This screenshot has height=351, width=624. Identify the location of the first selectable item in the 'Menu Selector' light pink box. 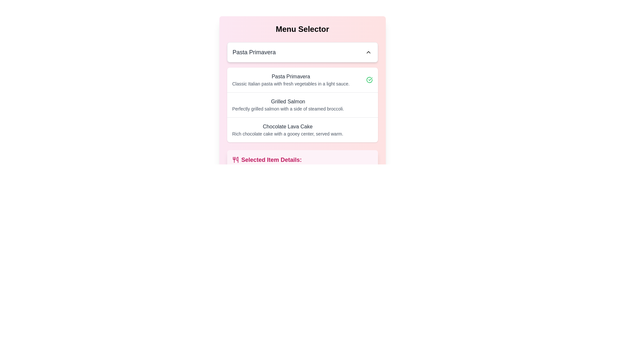
(302, 80).